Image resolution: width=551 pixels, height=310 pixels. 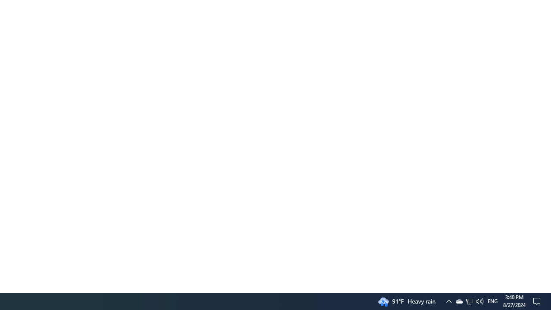 I want to click on 'Notification Chevron', so click(x=469, y=301).